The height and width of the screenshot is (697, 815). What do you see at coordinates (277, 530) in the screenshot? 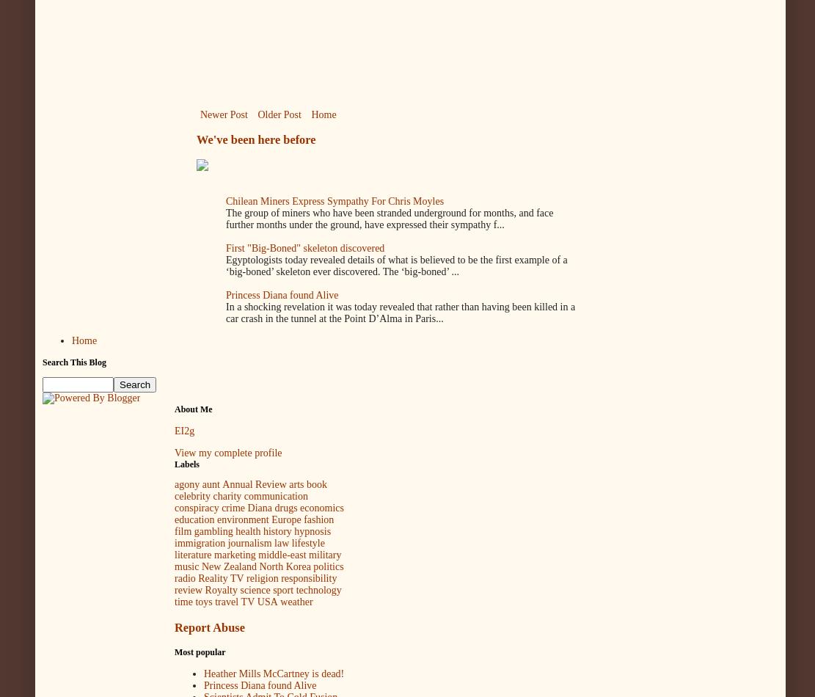
I see `'history'` at bounding box center [277, 530].